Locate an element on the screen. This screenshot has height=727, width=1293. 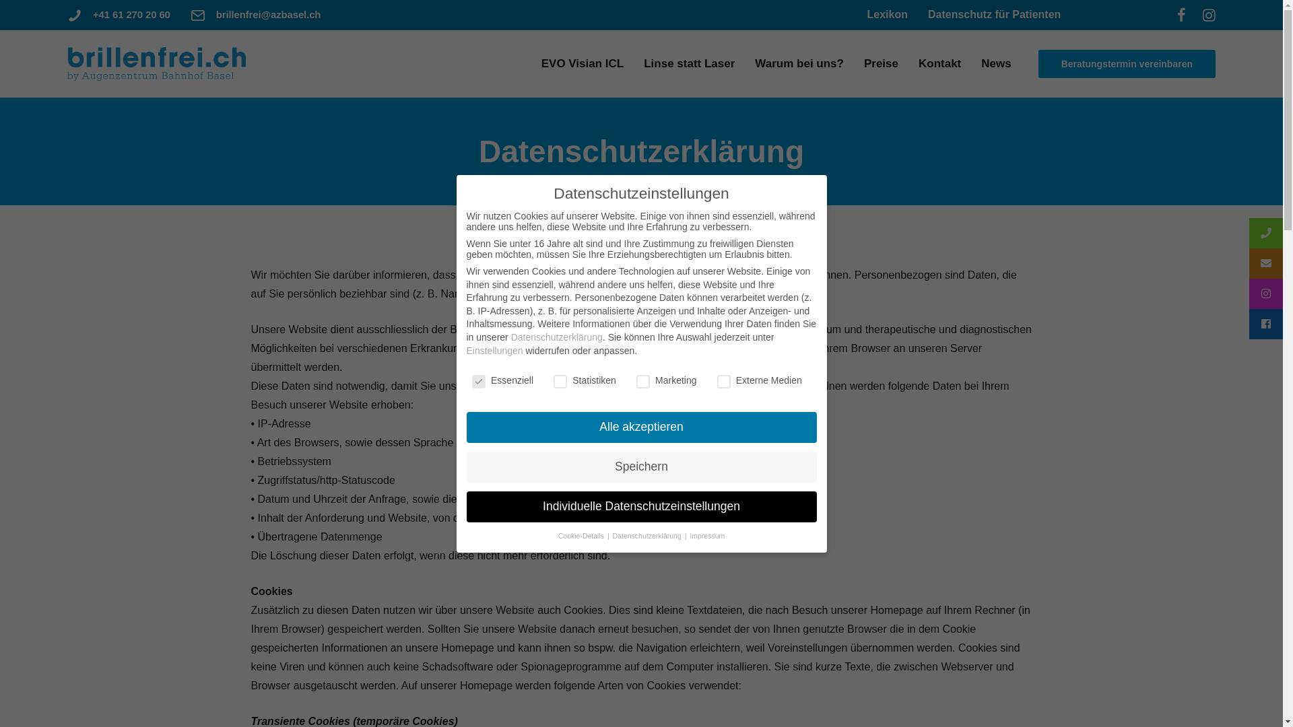
'Preise' is located at coordinates (881, 63).